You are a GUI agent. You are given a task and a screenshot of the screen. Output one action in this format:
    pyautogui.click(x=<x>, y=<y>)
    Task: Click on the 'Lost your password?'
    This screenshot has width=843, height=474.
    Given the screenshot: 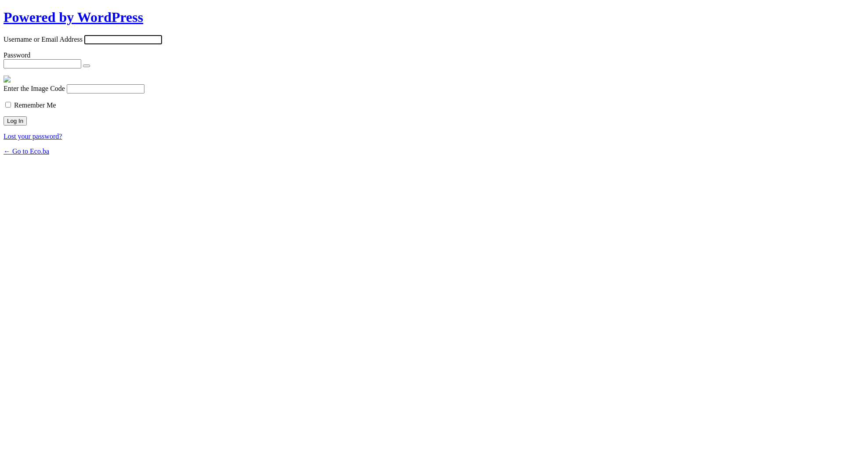 What is the action you would take?
    pyautogui.click(x=4, y=136)
    